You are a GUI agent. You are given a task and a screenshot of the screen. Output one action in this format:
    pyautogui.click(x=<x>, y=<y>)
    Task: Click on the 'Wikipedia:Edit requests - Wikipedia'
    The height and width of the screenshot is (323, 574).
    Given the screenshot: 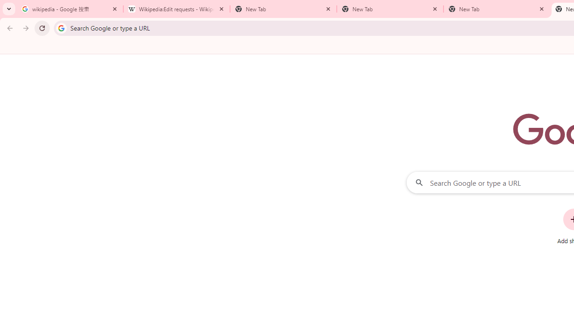 What is the action you would take?
    pyautogui.click(x=177, y=9)
    